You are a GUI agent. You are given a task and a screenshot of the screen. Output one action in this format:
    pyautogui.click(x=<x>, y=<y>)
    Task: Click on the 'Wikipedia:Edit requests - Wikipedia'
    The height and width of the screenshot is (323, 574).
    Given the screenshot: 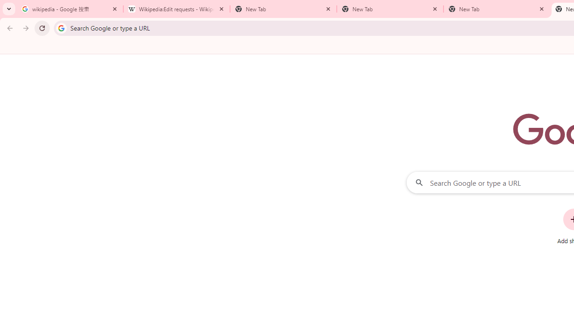 What is the action you would take?
    pyautogui.click(x=177, y=9)
    